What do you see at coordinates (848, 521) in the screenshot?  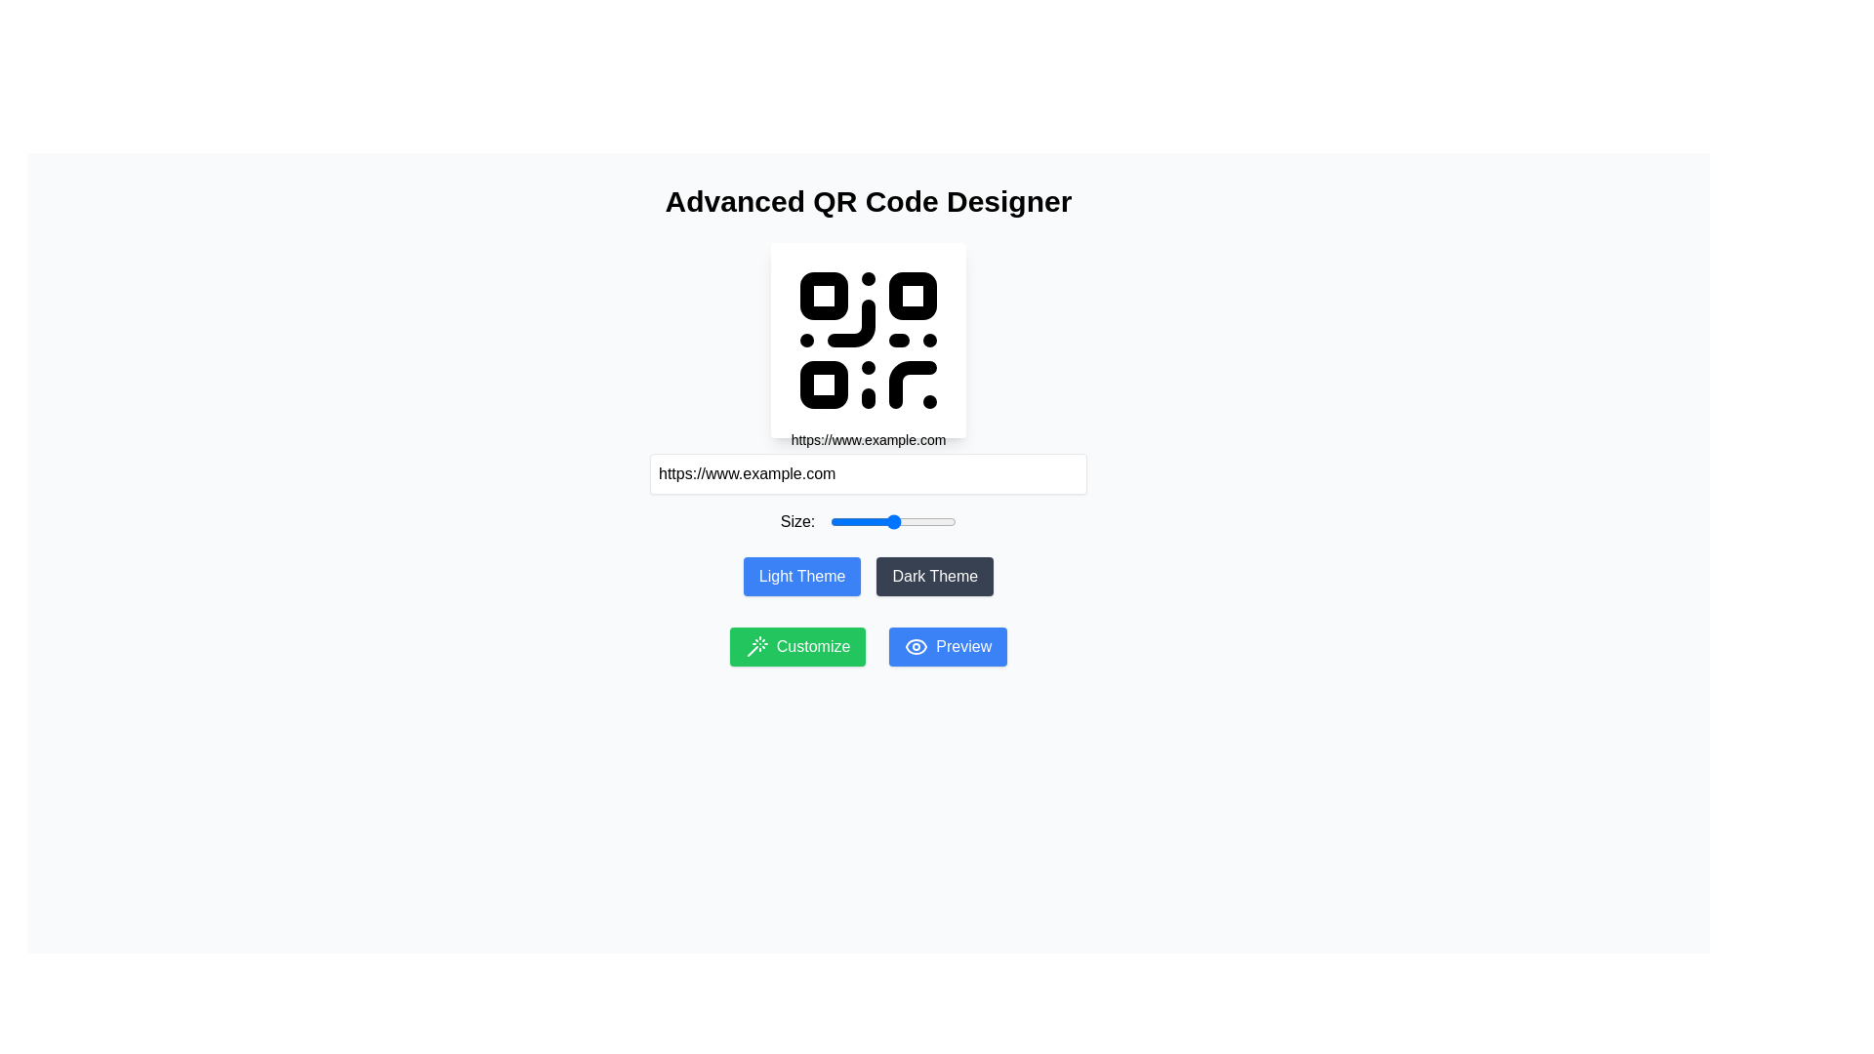 I see `the size value` at bounding box center [848, 521].